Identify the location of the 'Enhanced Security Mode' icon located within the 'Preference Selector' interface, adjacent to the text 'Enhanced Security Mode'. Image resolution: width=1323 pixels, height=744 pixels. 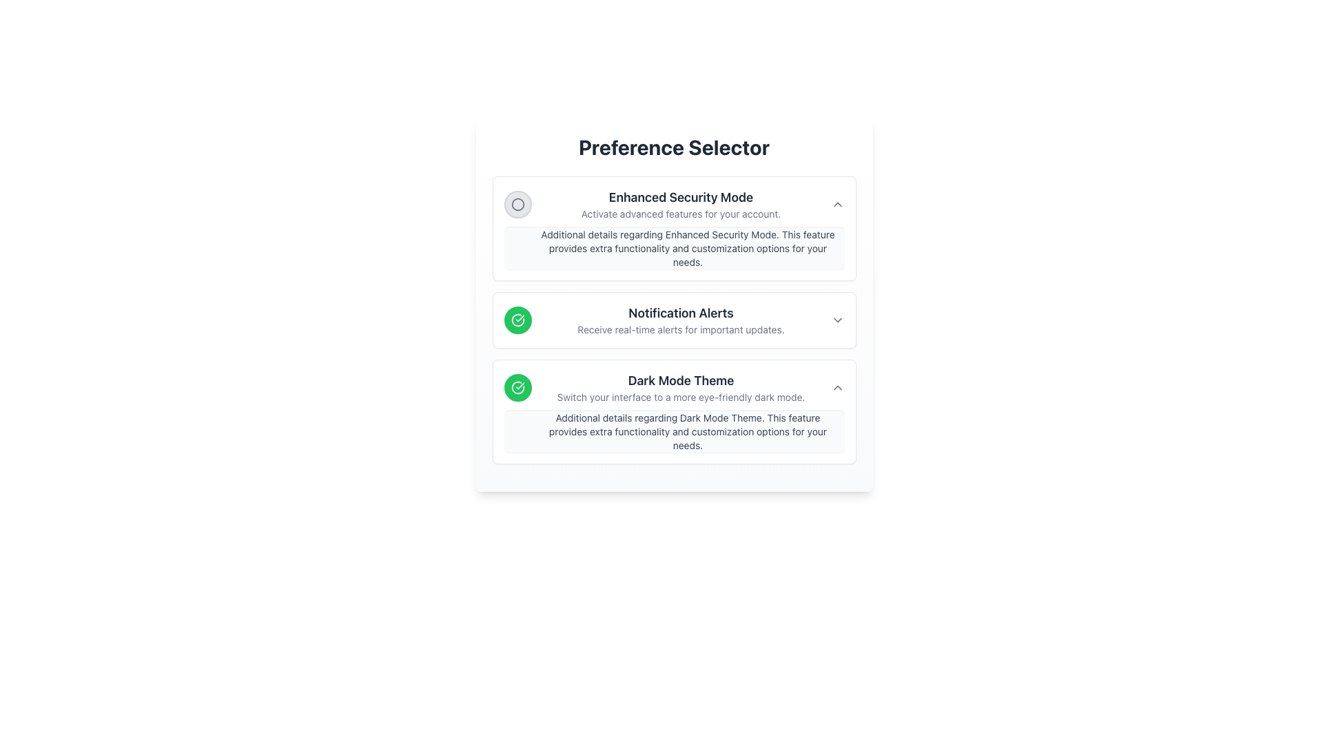
(517, 205).